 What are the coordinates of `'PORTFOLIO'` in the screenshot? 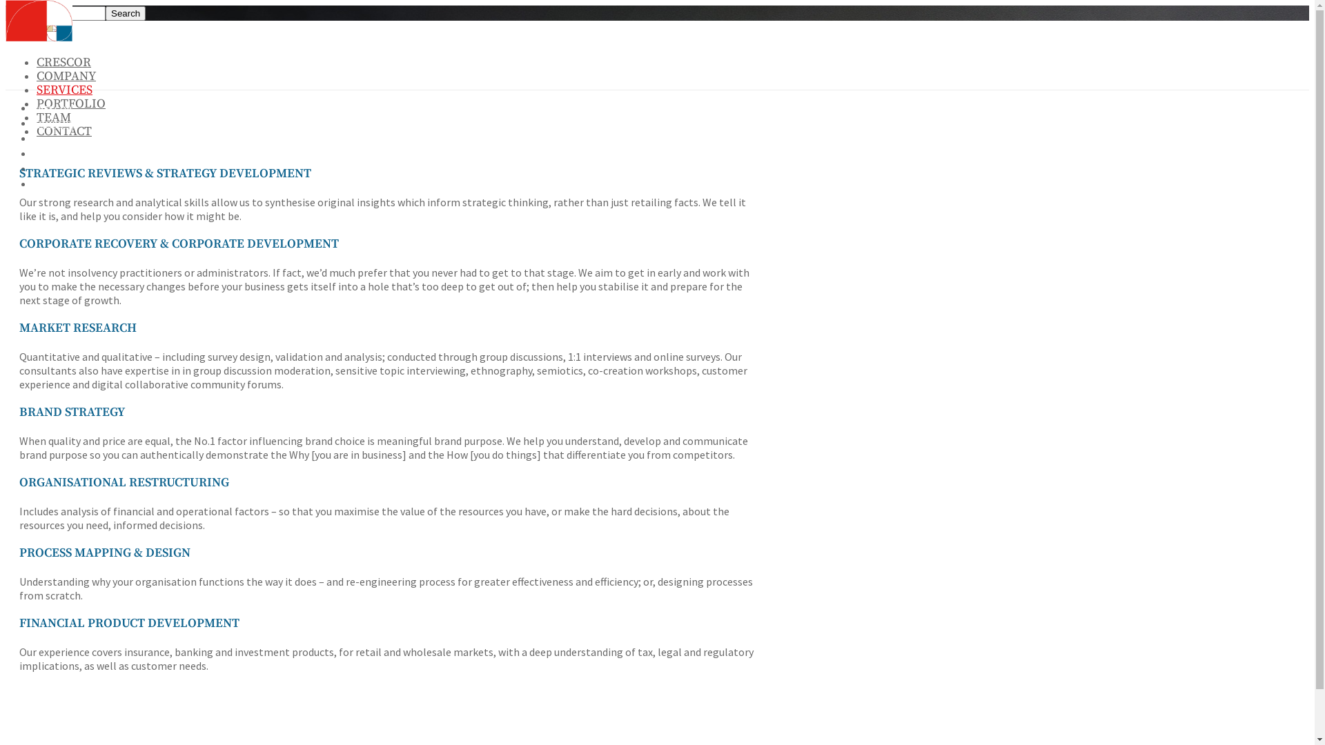 It's located at (70, 103).